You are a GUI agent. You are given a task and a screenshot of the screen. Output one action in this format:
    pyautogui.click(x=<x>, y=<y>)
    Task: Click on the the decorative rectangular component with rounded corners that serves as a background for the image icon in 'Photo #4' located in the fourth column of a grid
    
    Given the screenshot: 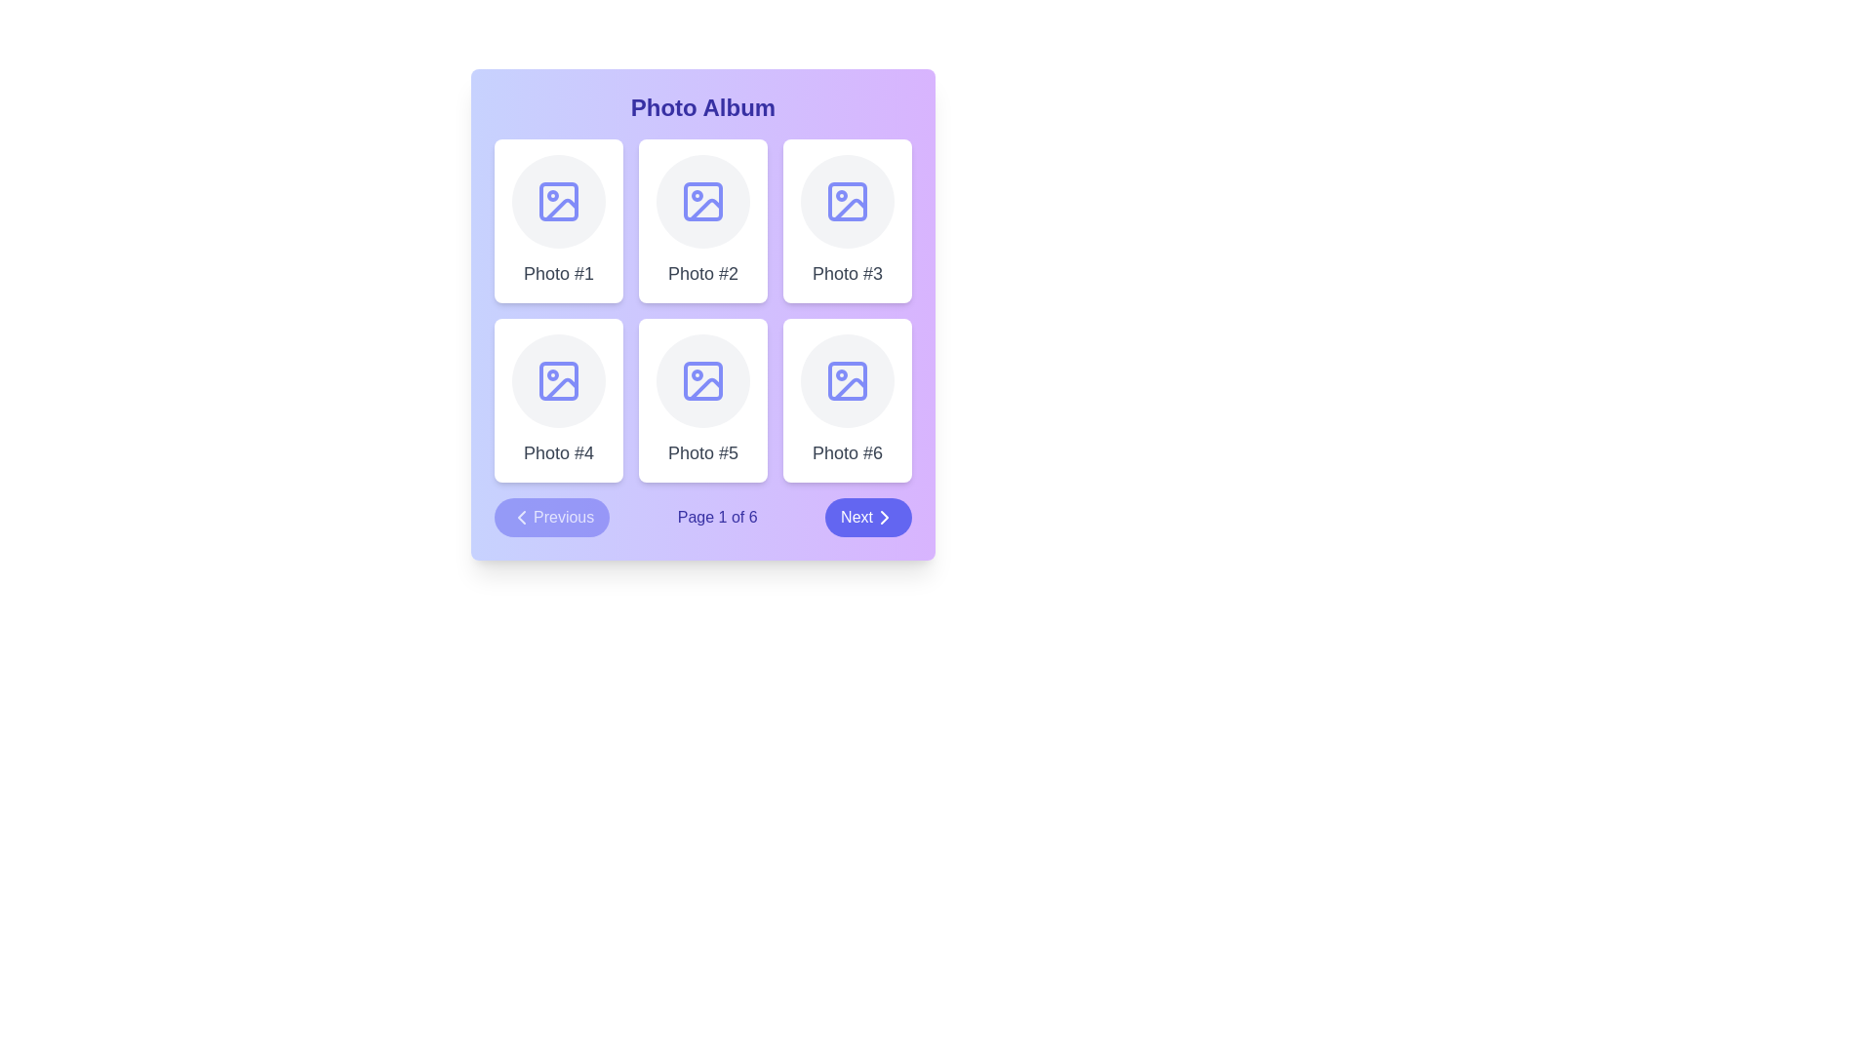 What is the action you would take?
    pyautogui.click(x=557, y=380)
    